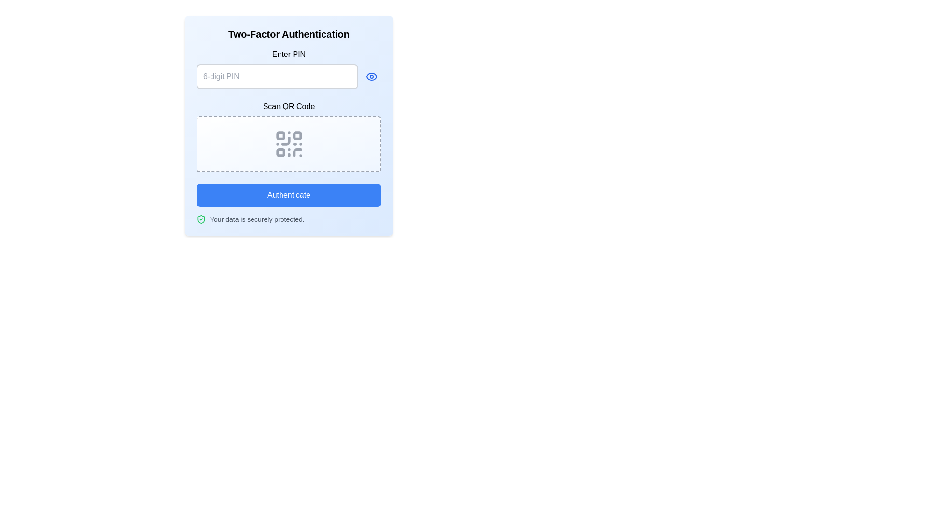 The image size is (927, 521). What do you see at coordinates (371, 76) in the screenshot?
I see `the circular blue eye icon button located at the end of the PIN input field` at bounding box center [371, 76].